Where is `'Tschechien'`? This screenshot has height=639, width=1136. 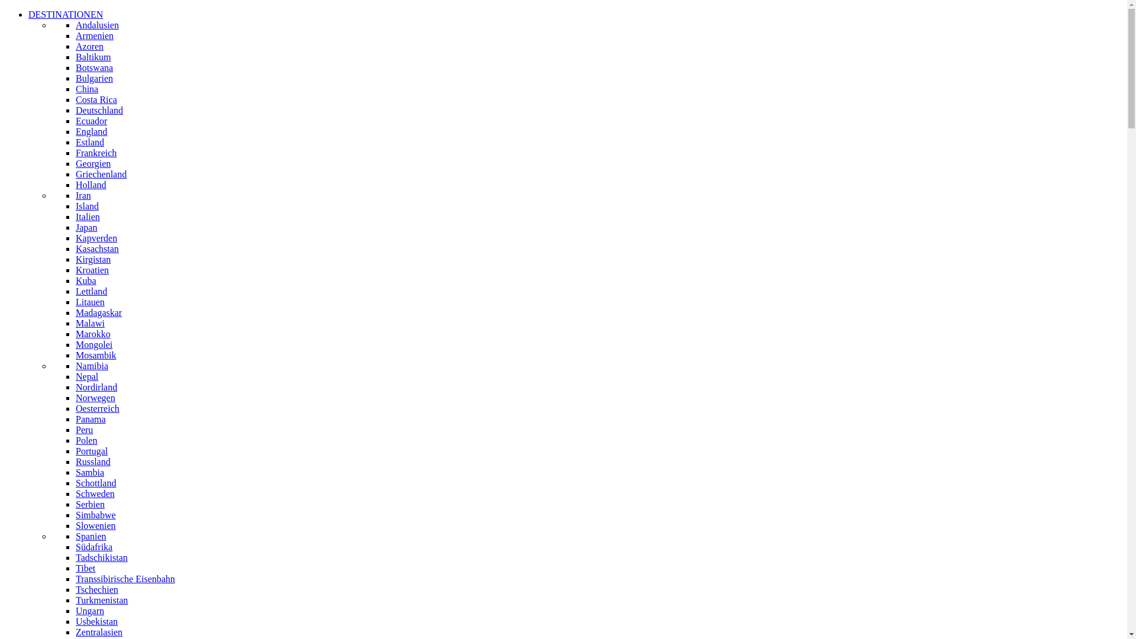 'Tschechien' is located at coordinates (96, 589).